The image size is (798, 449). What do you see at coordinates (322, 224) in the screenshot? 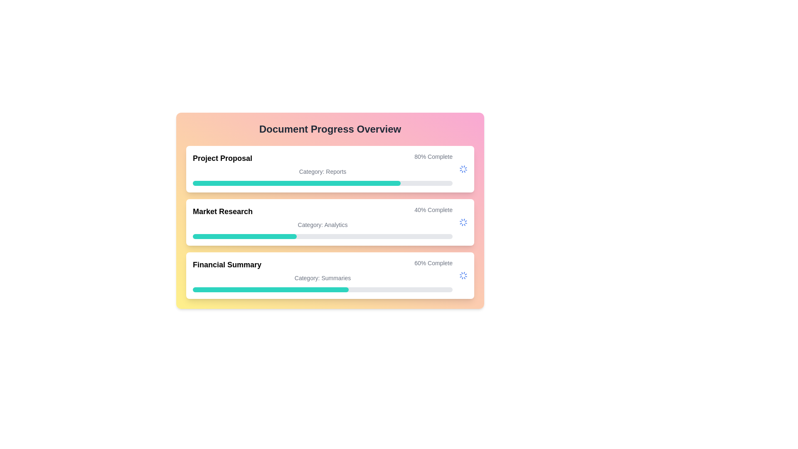
I see `text label categorizing the item's content as 'Analytics', which is centrally located within the 'Market Research' section, below '40% Complete' and above the progress bar` at bounding box center [322, 224].